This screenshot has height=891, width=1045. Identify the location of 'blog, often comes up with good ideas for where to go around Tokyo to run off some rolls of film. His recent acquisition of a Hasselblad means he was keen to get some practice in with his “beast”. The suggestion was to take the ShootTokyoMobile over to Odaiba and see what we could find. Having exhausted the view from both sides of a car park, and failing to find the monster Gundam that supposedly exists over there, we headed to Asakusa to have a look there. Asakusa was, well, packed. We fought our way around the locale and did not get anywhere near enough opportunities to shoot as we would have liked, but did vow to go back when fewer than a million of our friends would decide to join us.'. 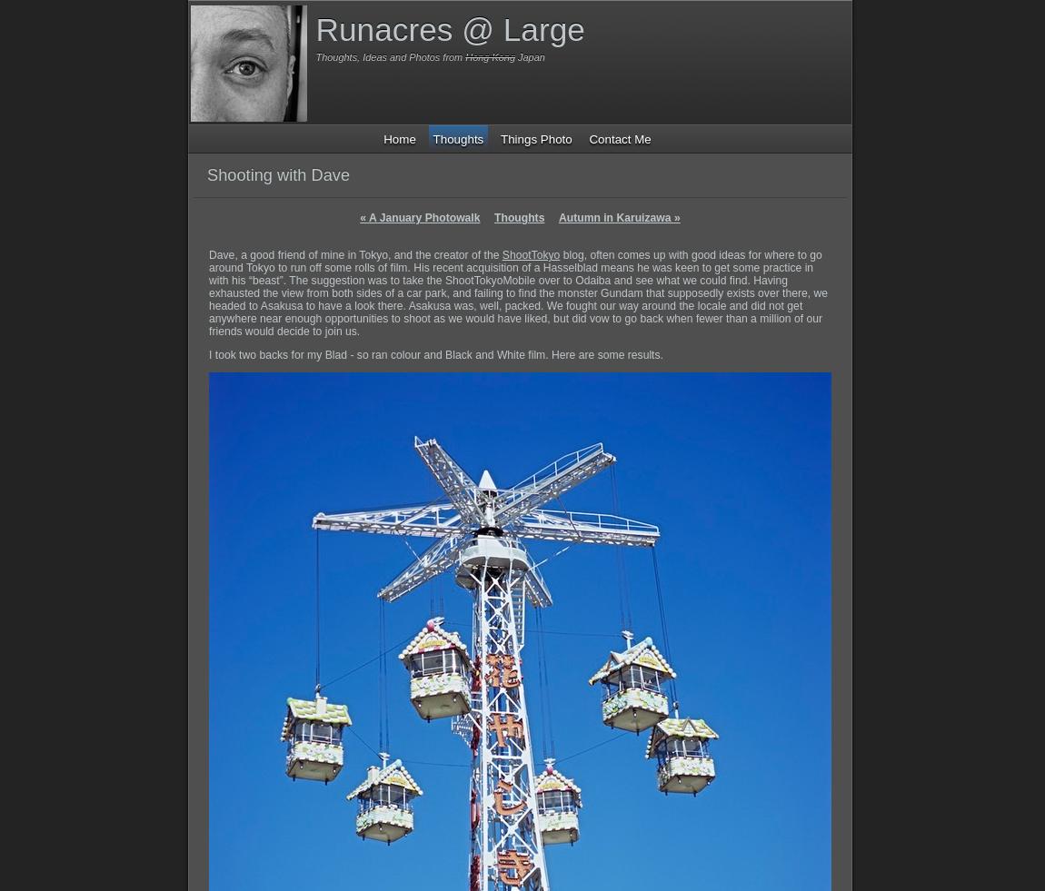
(518, 292).